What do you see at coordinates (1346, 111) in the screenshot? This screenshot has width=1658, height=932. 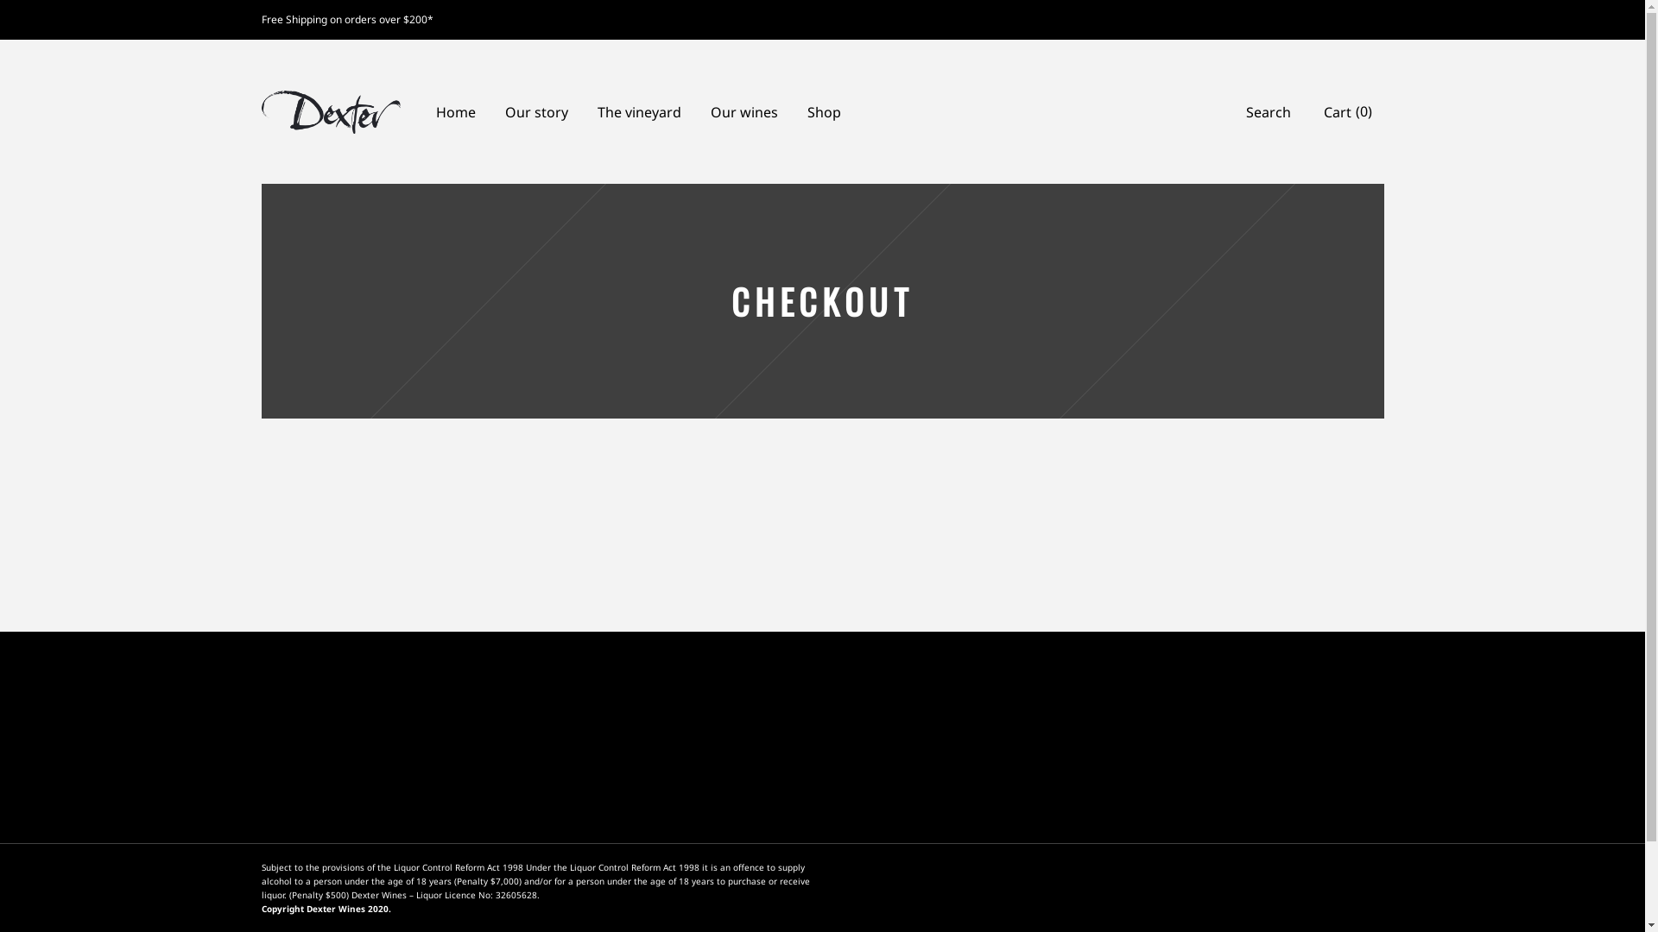 I see `'Cart` at bounding box center [1346, 111].